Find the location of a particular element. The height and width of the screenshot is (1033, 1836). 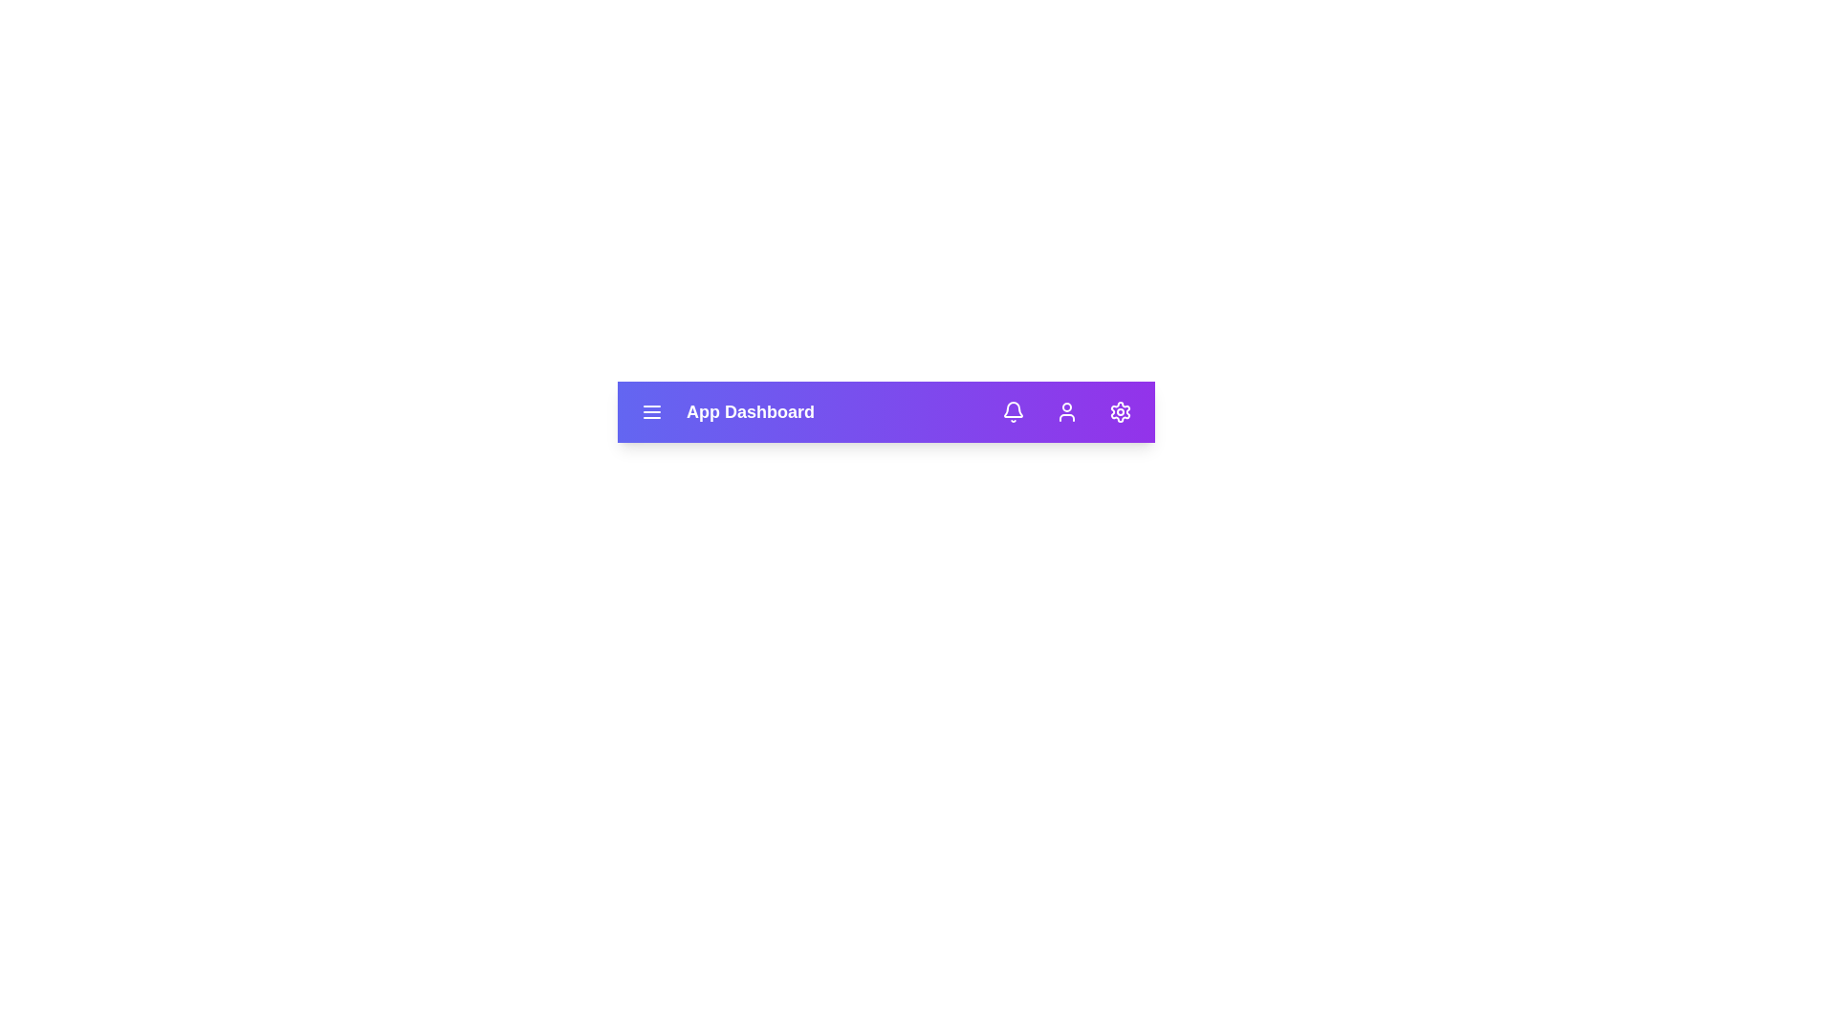

the Notifications button to view alerts is located at coordinates (1013, 411).